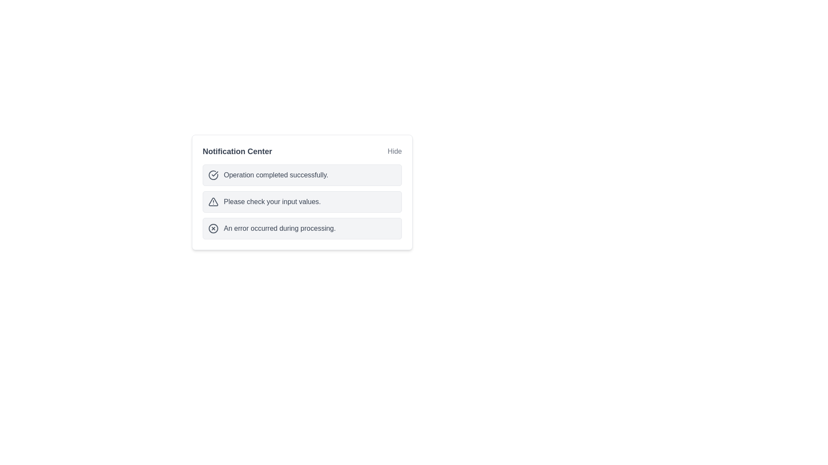 This screenshot has height=465, width=828. I want to click on the informational notification block that contains a warning icon and the message 'Please check your input values.' by clicking on it to interact with adjacent elements, so click(302, 202).